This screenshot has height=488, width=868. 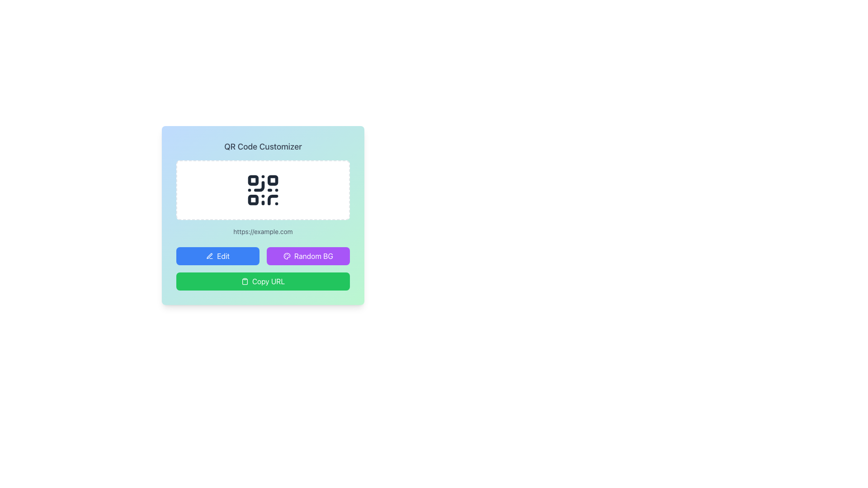 What do you see at coordinates (262, 281) in the screenshot?
I see `the 'Copy URL' button, which is a rectangular button with rounded corners, a solid green background, and white text. It is located at the bottom of the button group layout, below the 'Edit' and 'Random BG' buttons` at bounding box center [262, 281].